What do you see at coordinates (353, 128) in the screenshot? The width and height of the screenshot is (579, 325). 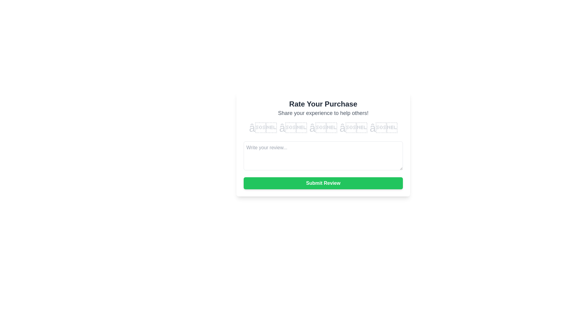 I see `the star corresponding to 4 to preview the rating` at bounding box center [353, 128].